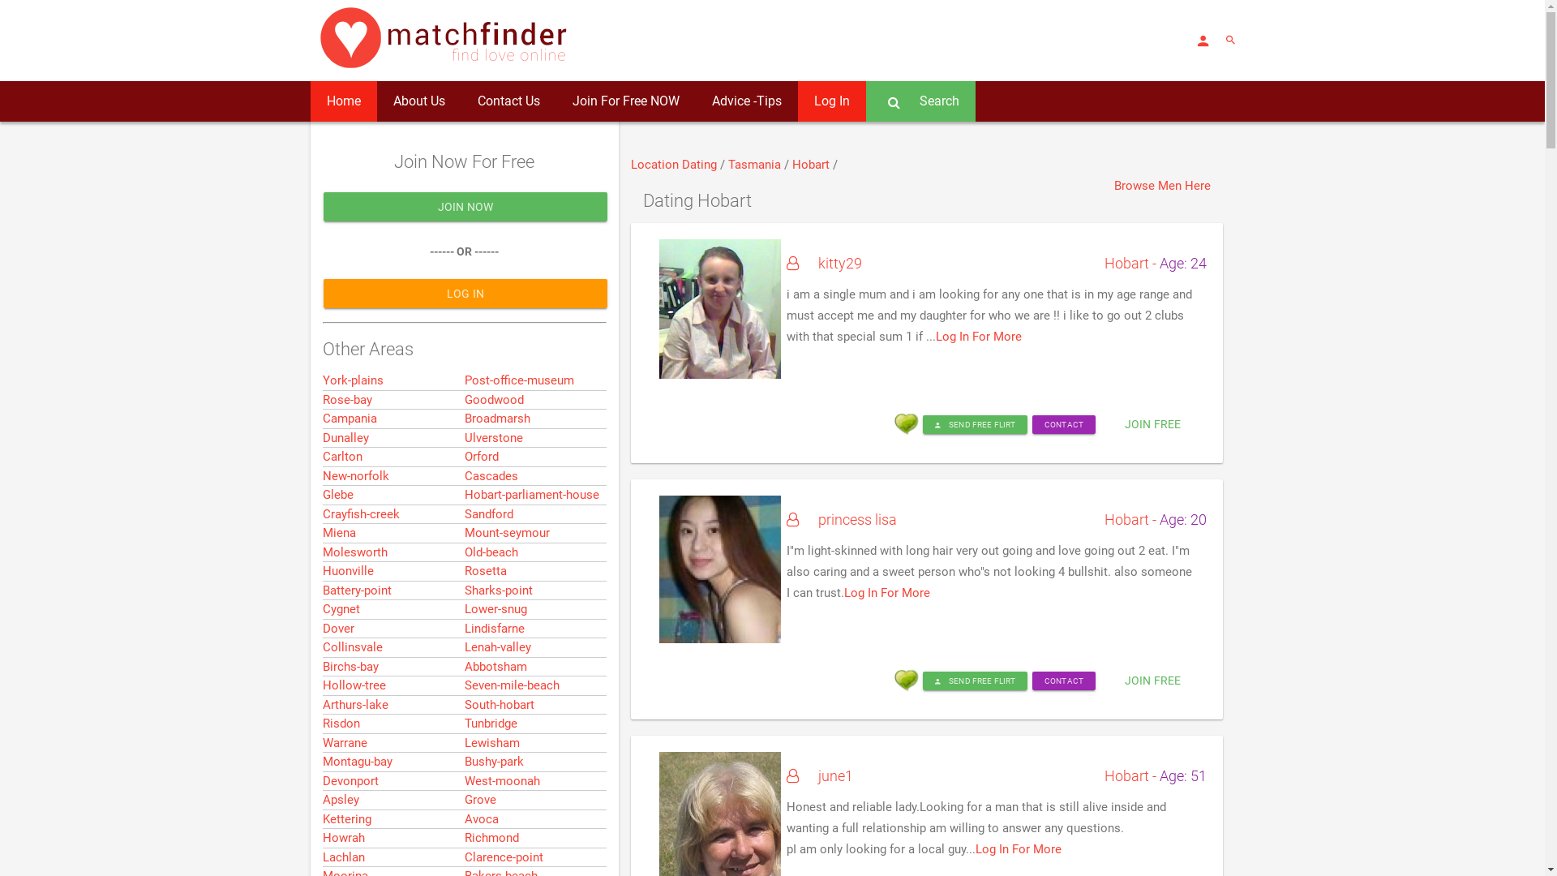 The height and width of the screenshot is (876, 1557). I want to click on 'Cascades', so click(462, 474).